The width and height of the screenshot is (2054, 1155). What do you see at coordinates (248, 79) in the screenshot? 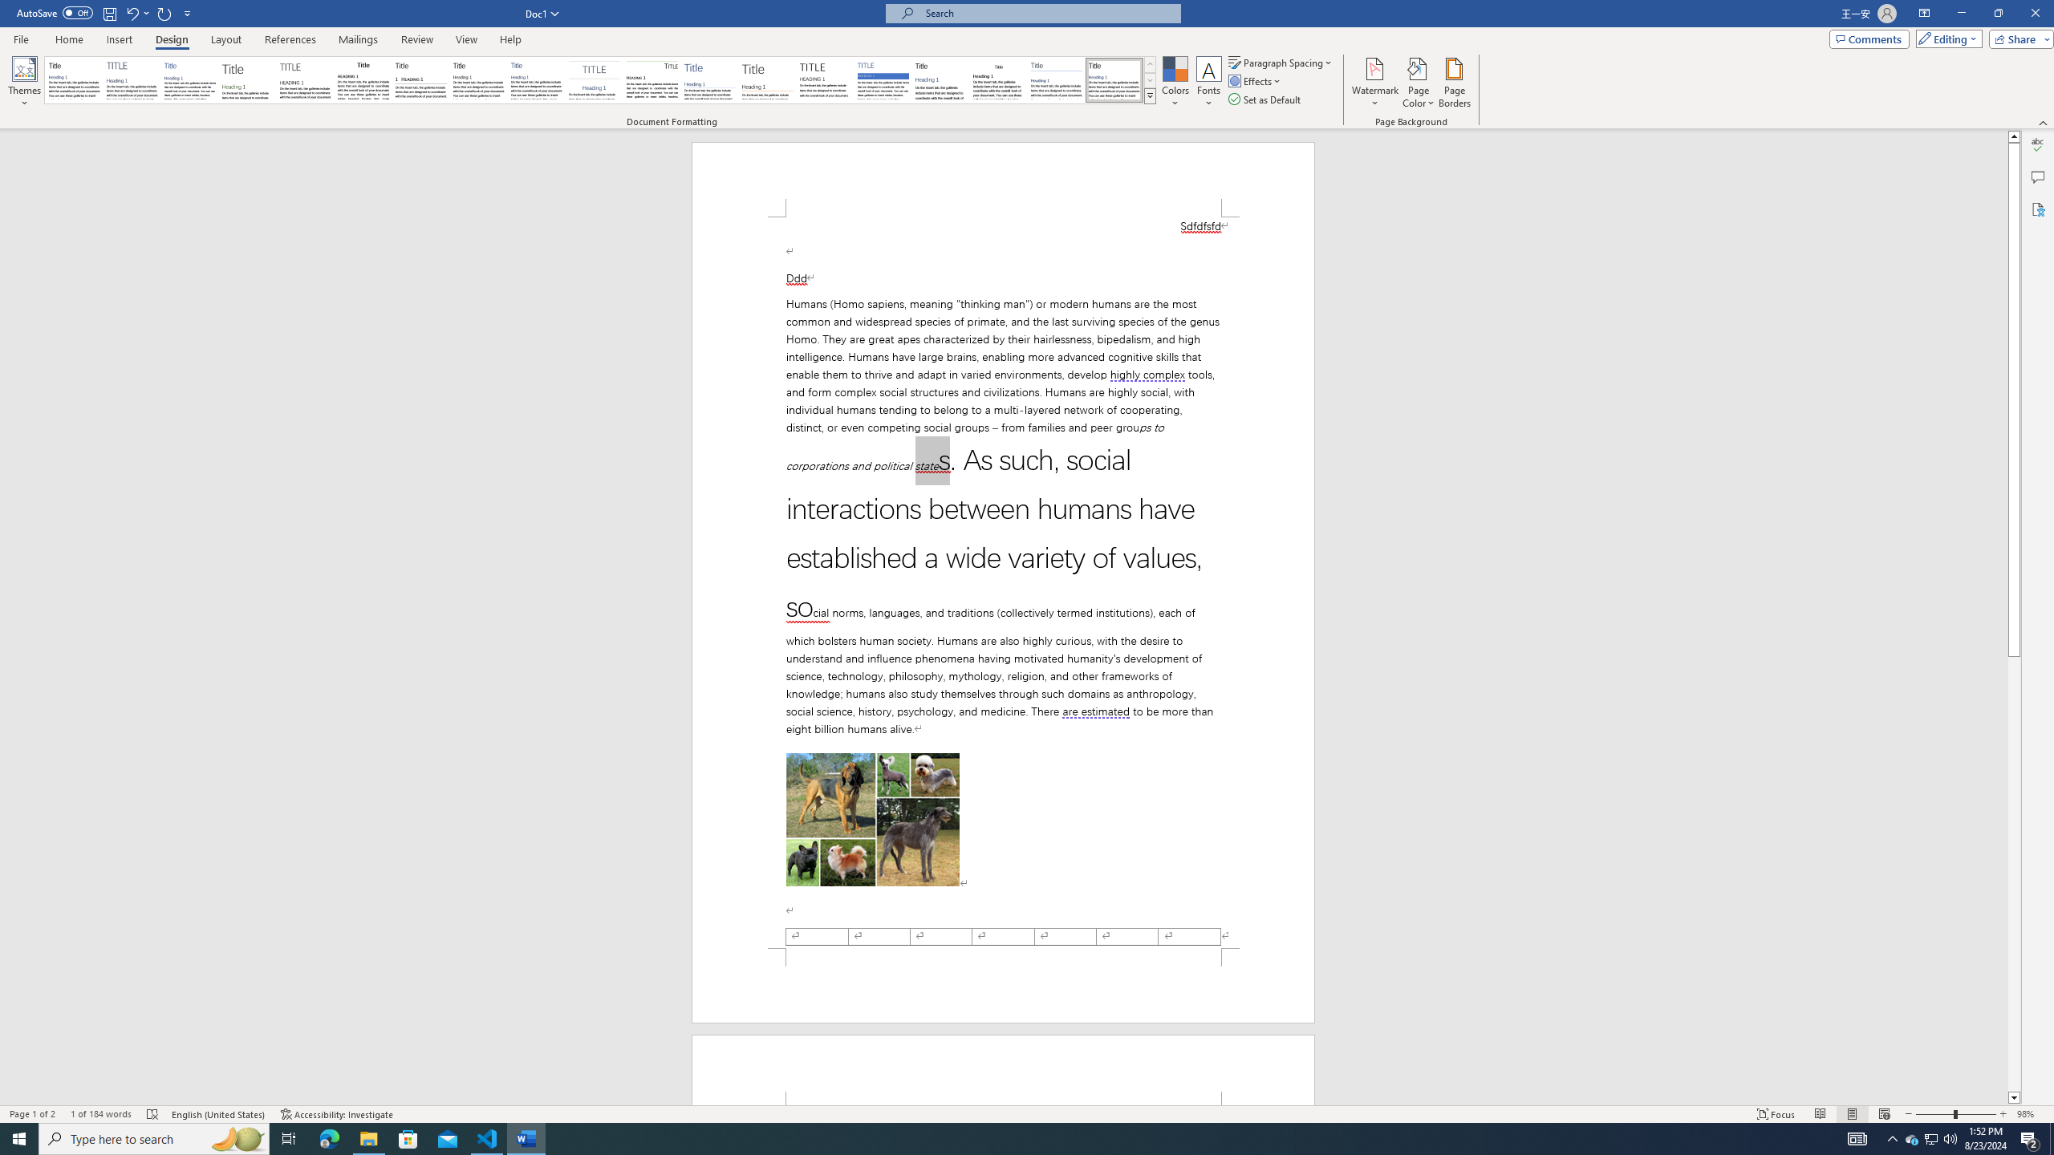
I see `'Basic (Stylish)'` at bounding box center [248, 79].